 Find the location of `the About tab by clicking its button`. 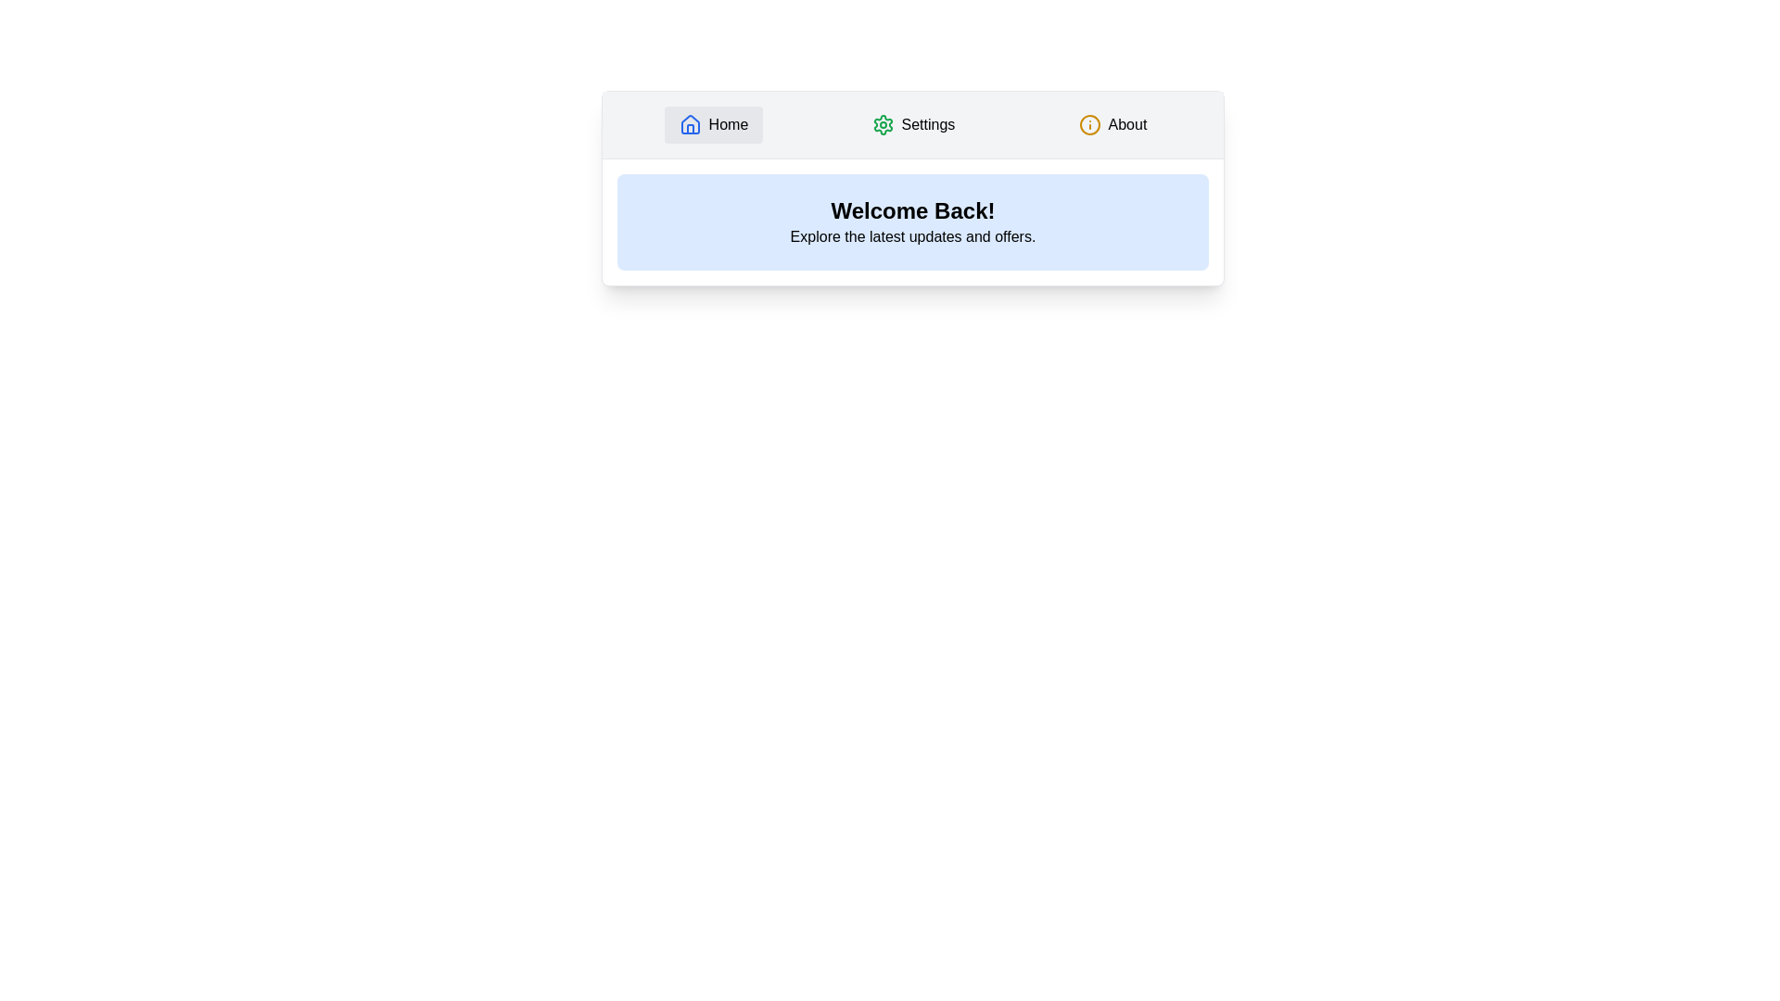

the About tab by clicking its button is located at coordinates (1112, 125).